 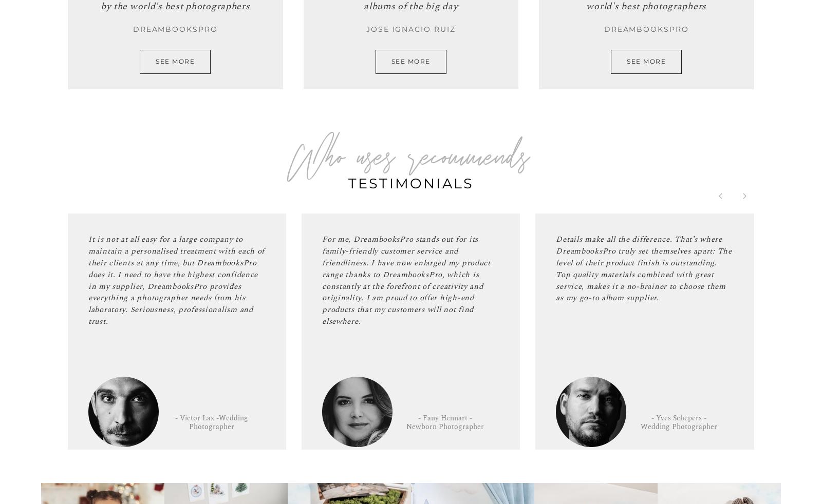 I want to click on 'For me, DreambooksPro stands out for its family-friendly customer service and friendliness. I have now enlarged my product range thanks to DreambooksPro, which is constantly at the forefront of creativity and originality. I am proud to offer high-end products that my customers will not find elsewhere.', so click(x=322, y=280).